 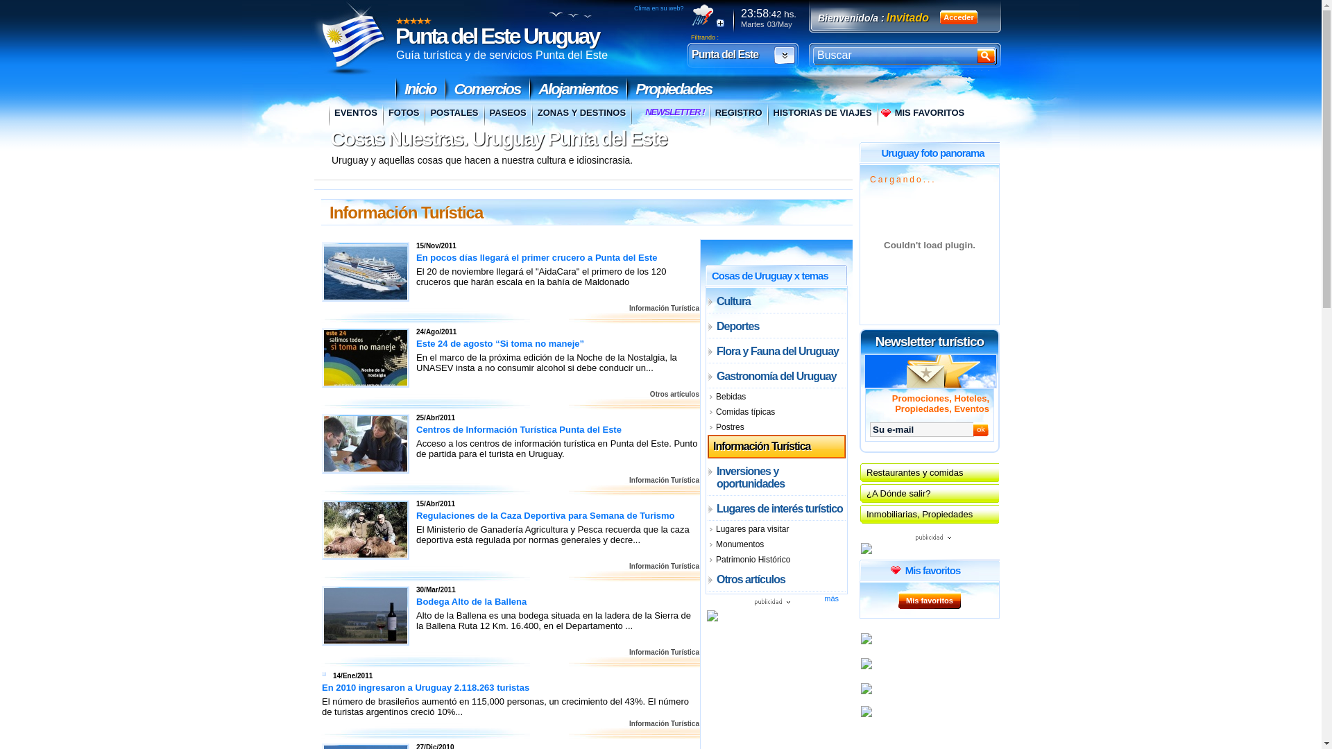 I want to click on 'ok', so click(x=980, y=428).